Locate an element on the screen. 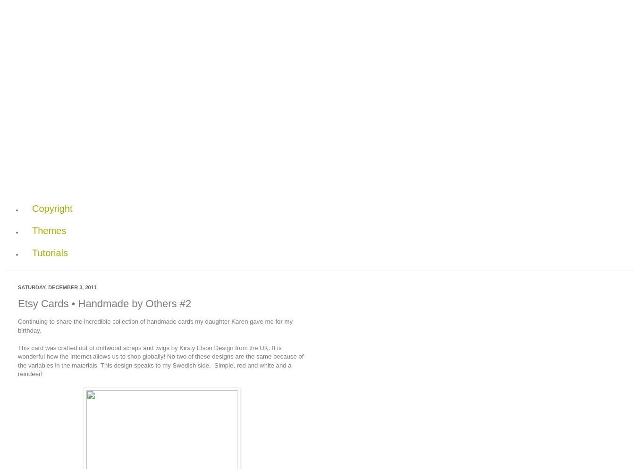 This screenshot has width=641, height=469. 'Home' is located at coordinates (44, 163).